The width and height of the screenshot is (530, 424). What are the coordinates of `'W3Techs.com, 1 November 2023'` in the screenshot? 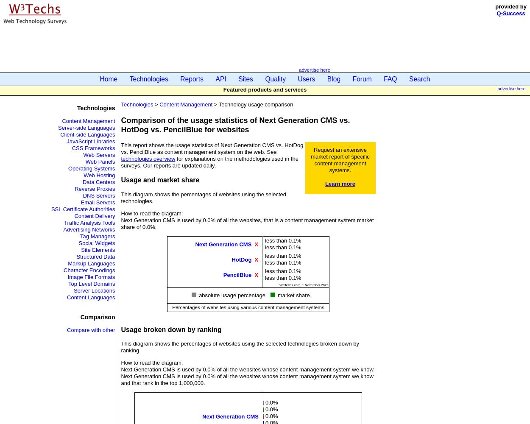 It's located at (303, 285).